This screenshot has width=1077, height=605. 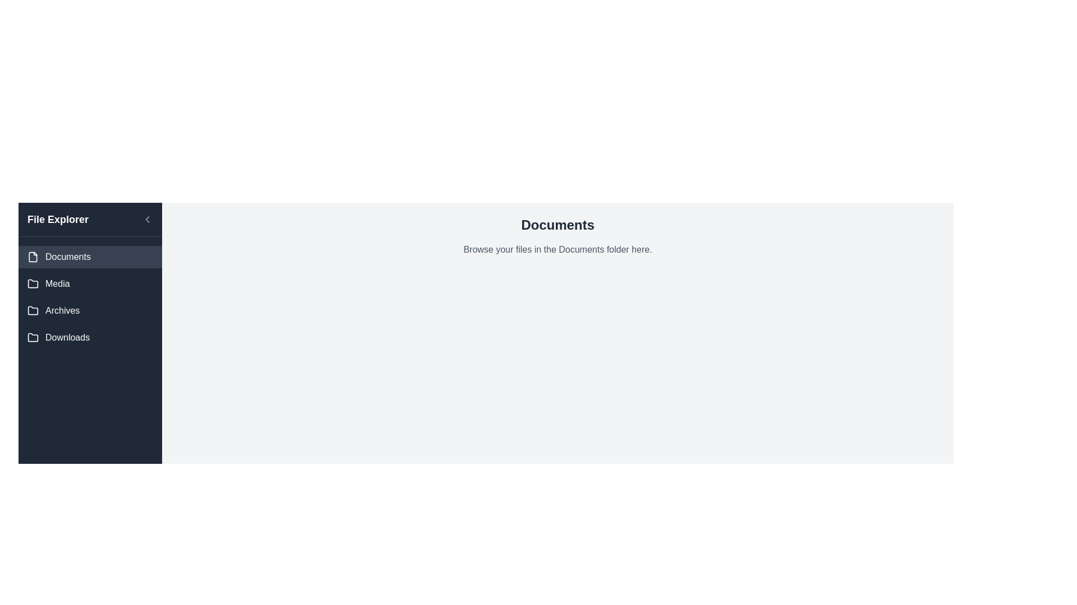 I want to click on the text label displaying 'Media' in the side navigation menu, which is styled in light color against a dark background and positioned below 'Documents', so click(x=57, y=283).